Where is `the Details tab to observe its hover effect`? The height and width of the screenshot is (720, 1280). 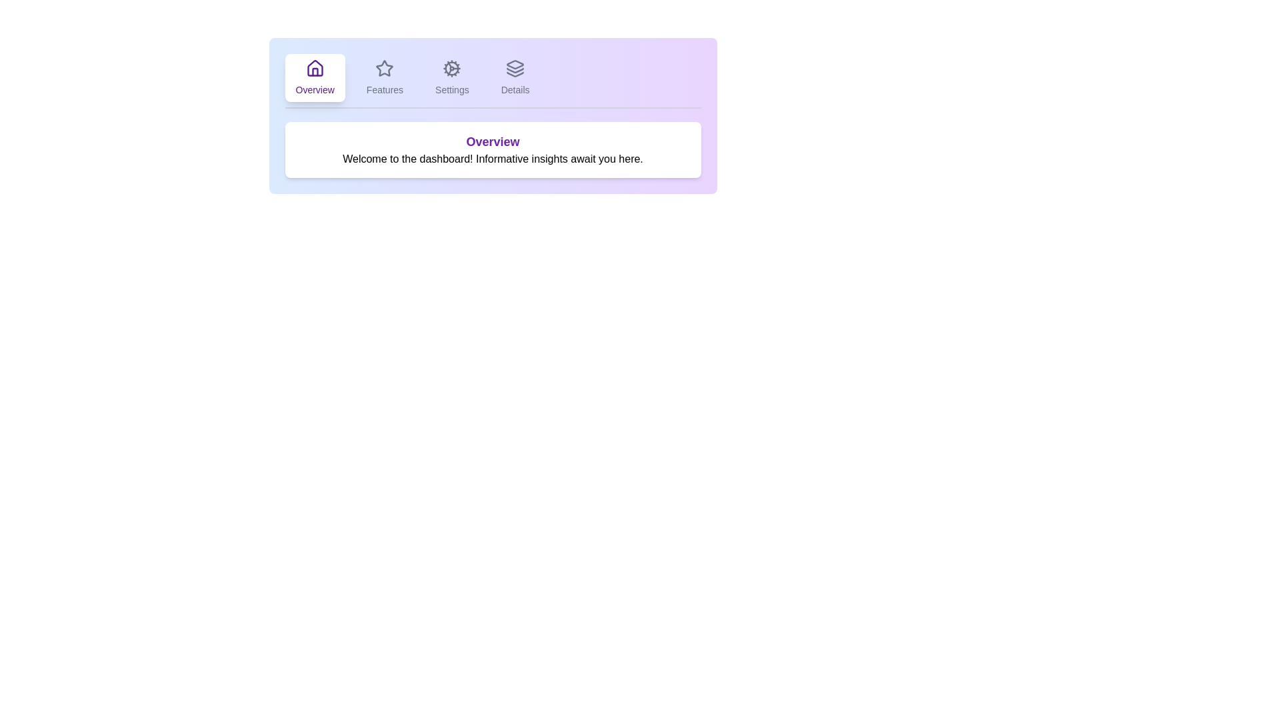 the Details tab to observe its hover effect is located at coordinates (515, 77).